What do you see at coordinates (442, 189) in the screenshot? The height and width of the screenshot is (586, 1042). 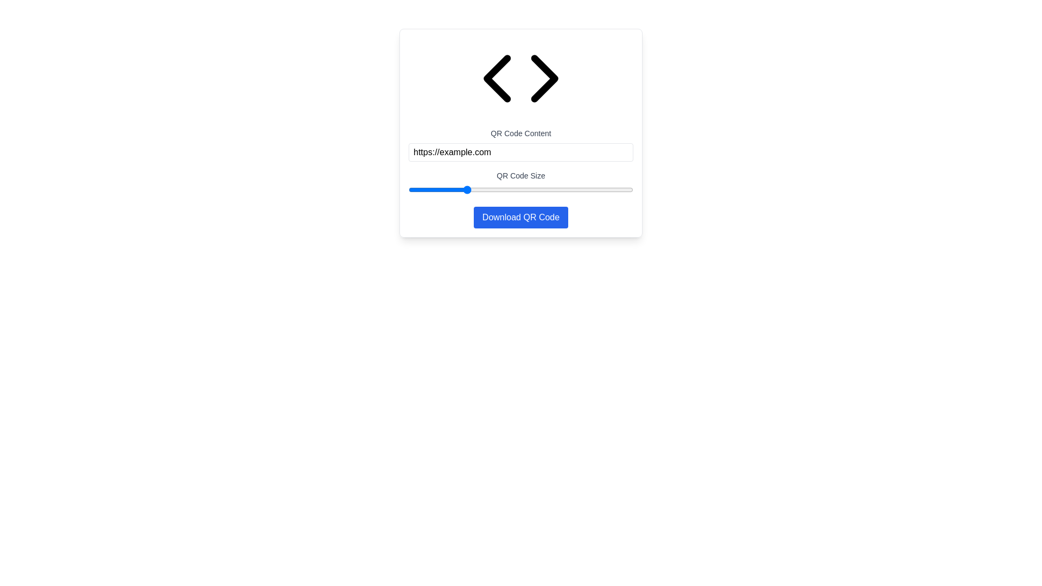 I see `the QR code size` at bounding box center [442, 189].